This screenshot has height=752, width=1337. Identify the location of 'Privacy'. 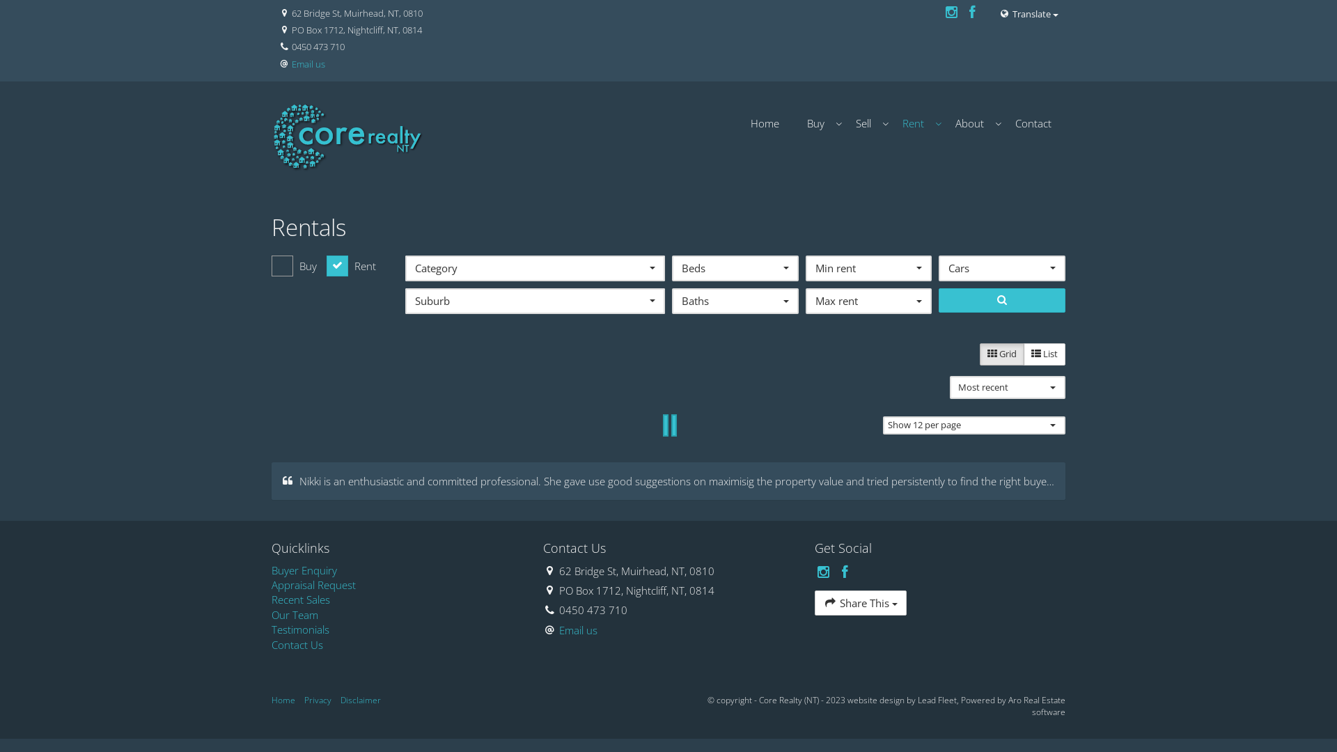
(317, 700).